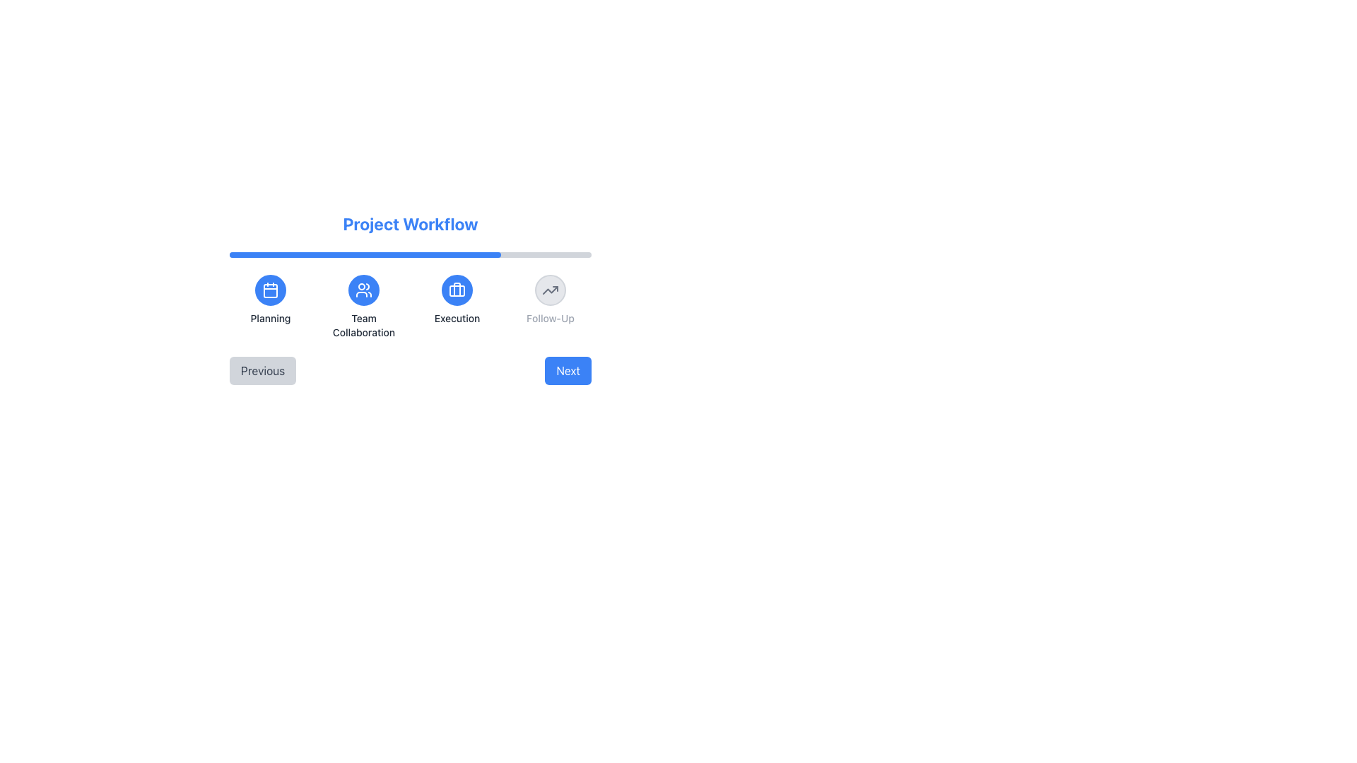  Describe the element at coordinates (549, 290) in the screenshot. I see `the circular icon with a light gray background and an upward trending dark gray arrow, which is located adjacent to the text 'Follow-Up' in the workflow progression section` at that location.